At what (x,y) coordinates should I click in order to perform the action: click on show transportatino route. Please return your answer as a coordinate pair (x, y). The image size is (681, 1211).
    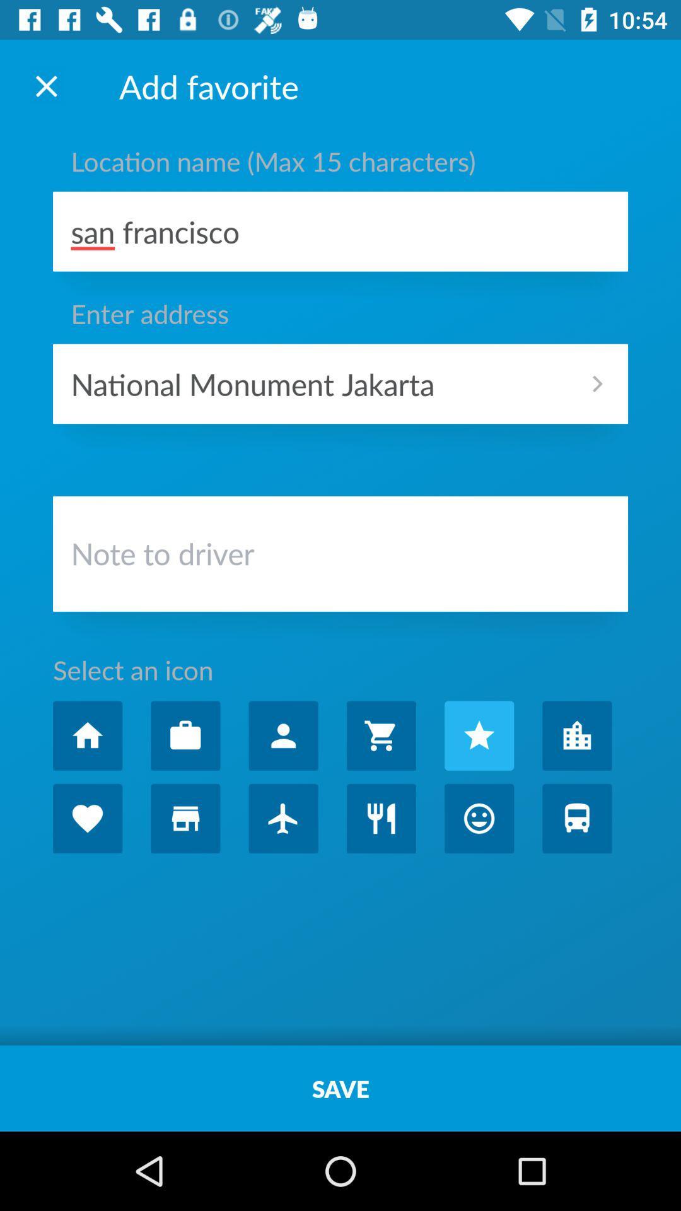
    Looking at the image, I should click on (577, 818).